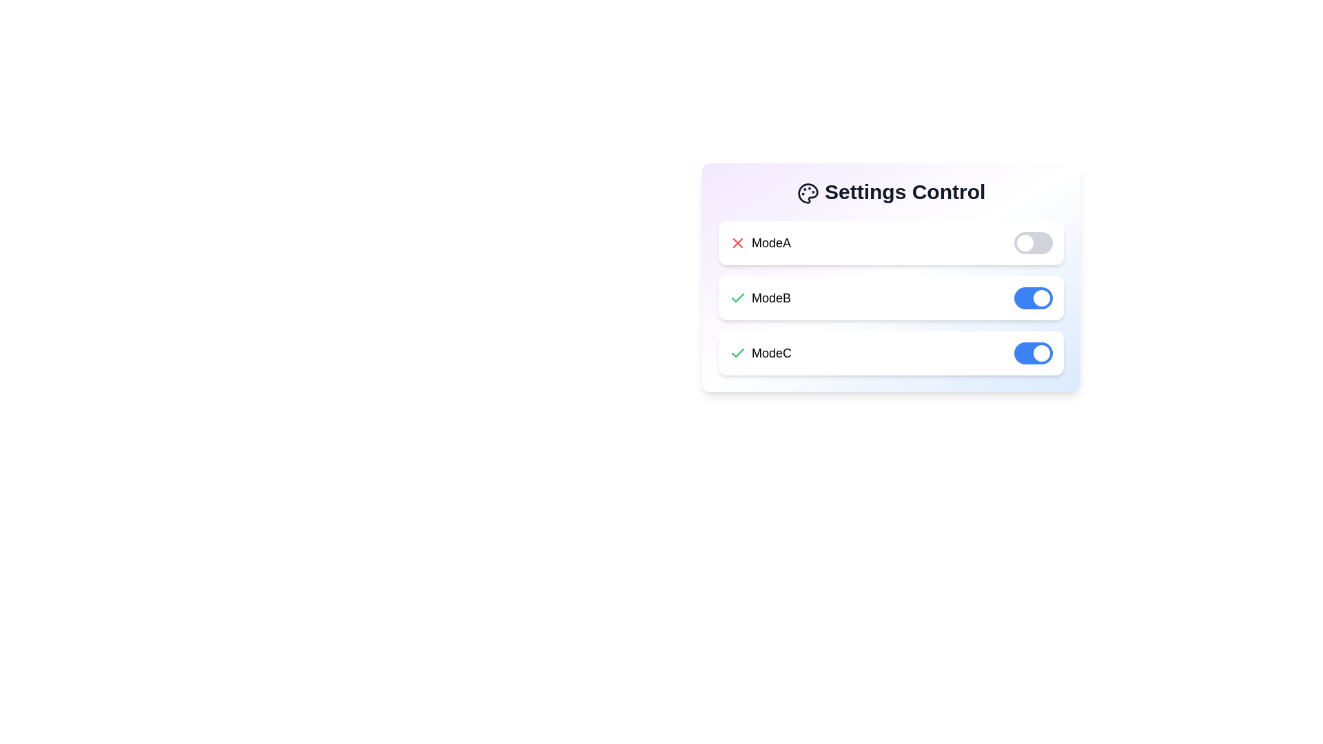  What do you see at coordinates (770, 298) in the screenshot?
I see `the 'ModeB' label, which is displayed in bold black lettering and is positioned in the second row of a list of toggle switches, aligned with a green checkmark icon to its left and a blue toggle switch to its right` at bounding box center [770, 298].